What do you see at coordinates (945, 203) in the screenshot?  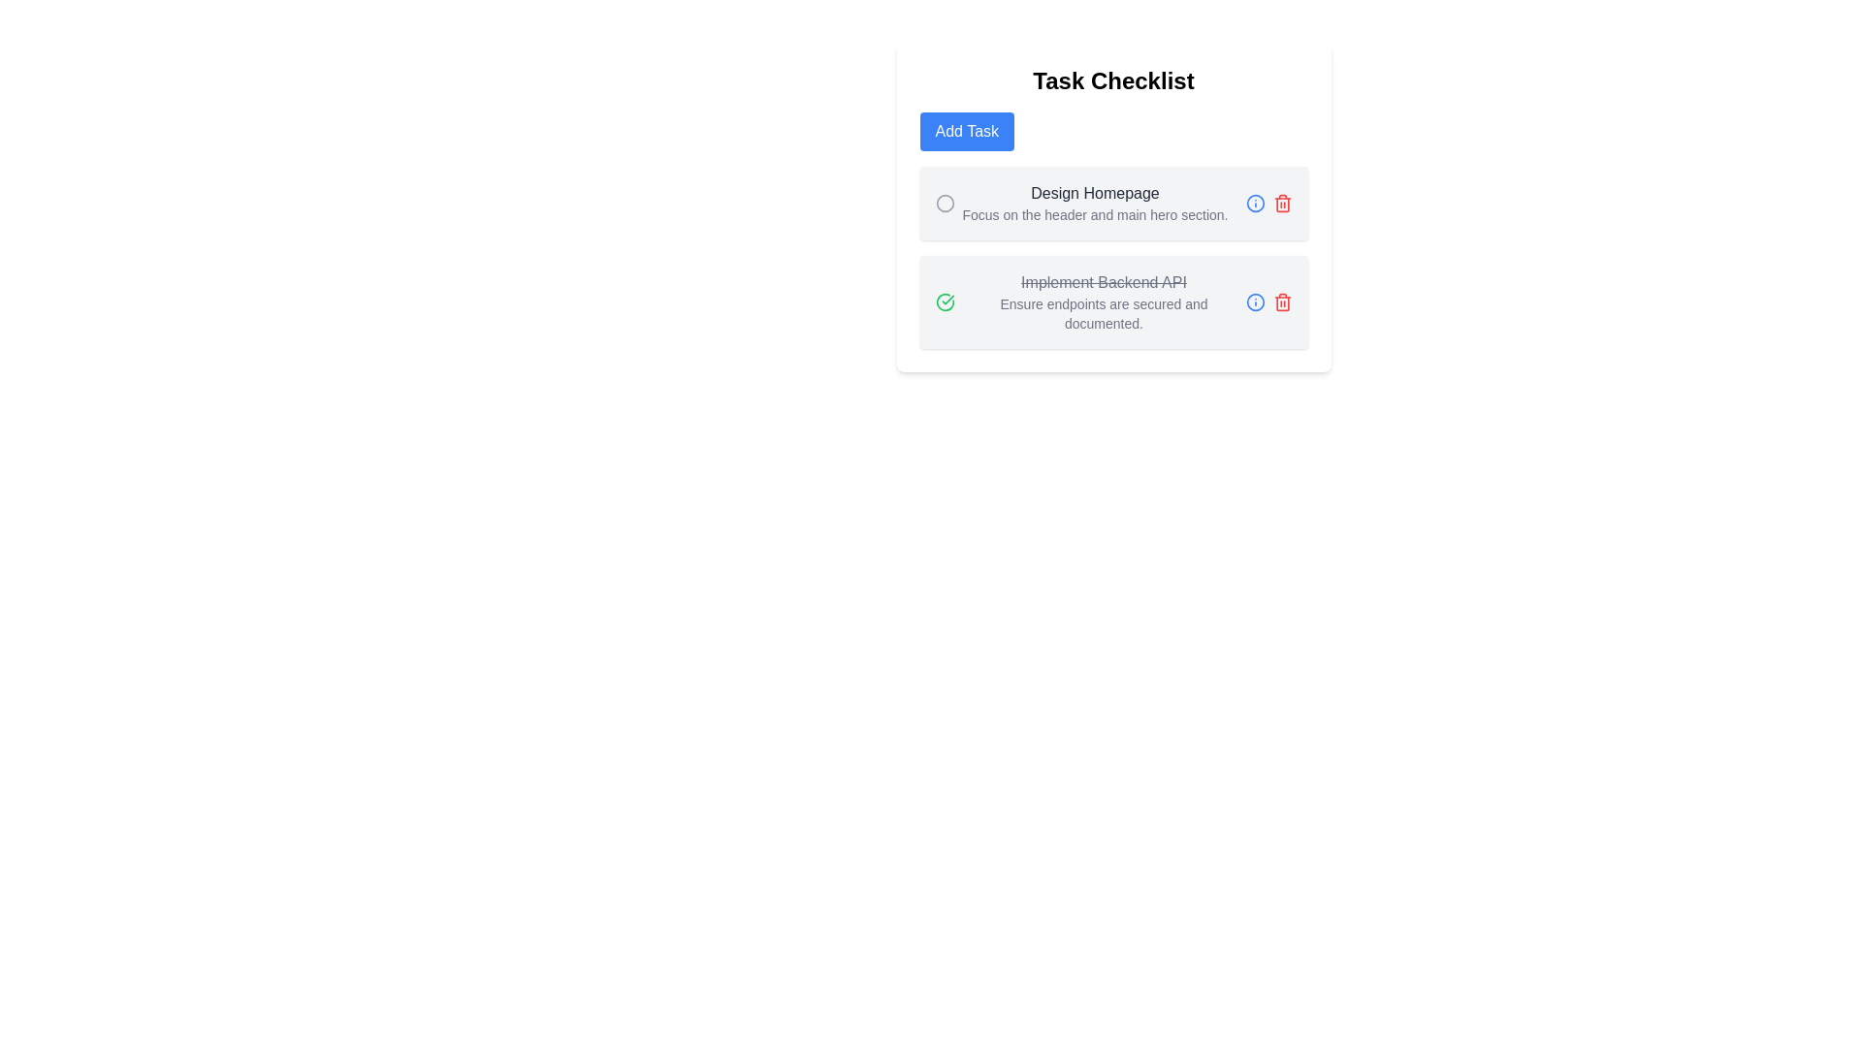 I see `the circular interactive icon with a gray outline next to the 'Design Homepage' task` at bounding box center [945, 203].